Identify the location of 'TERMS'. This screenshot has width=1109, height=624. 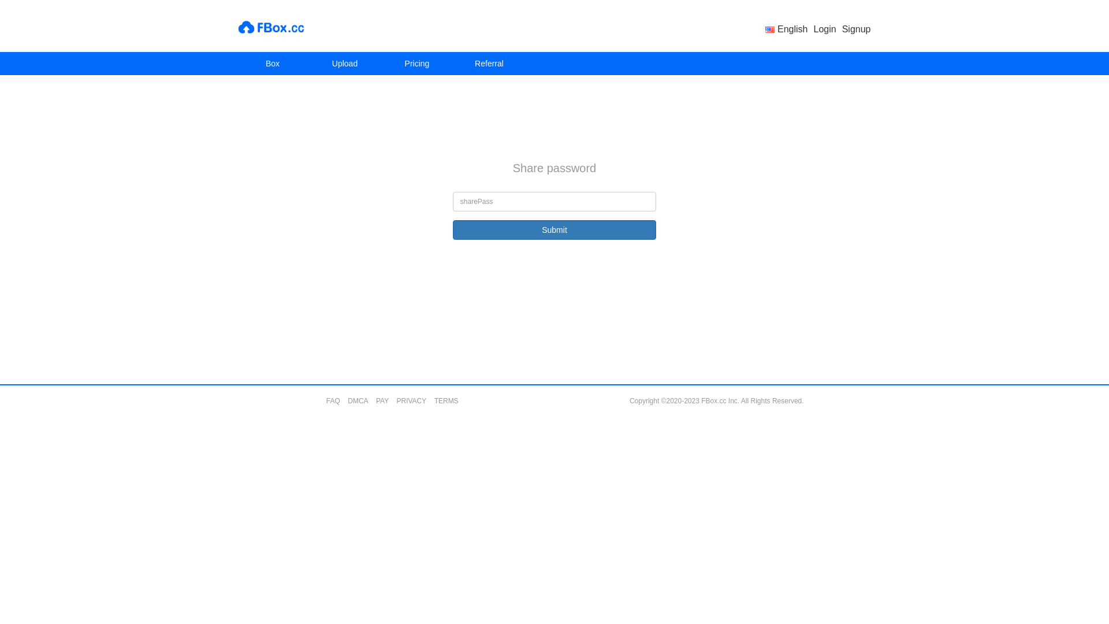
(445, 400).